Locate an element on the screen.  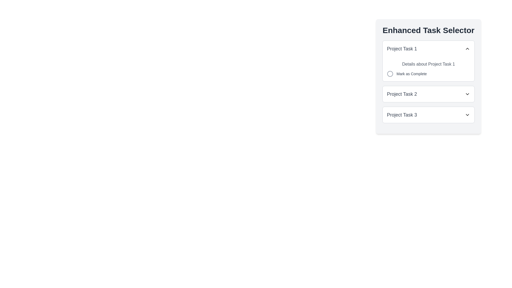
the small, triangular-shaped dropdown toggle icon located to the right of the 'Project Task 3' label is located at coordinates (467, 115).